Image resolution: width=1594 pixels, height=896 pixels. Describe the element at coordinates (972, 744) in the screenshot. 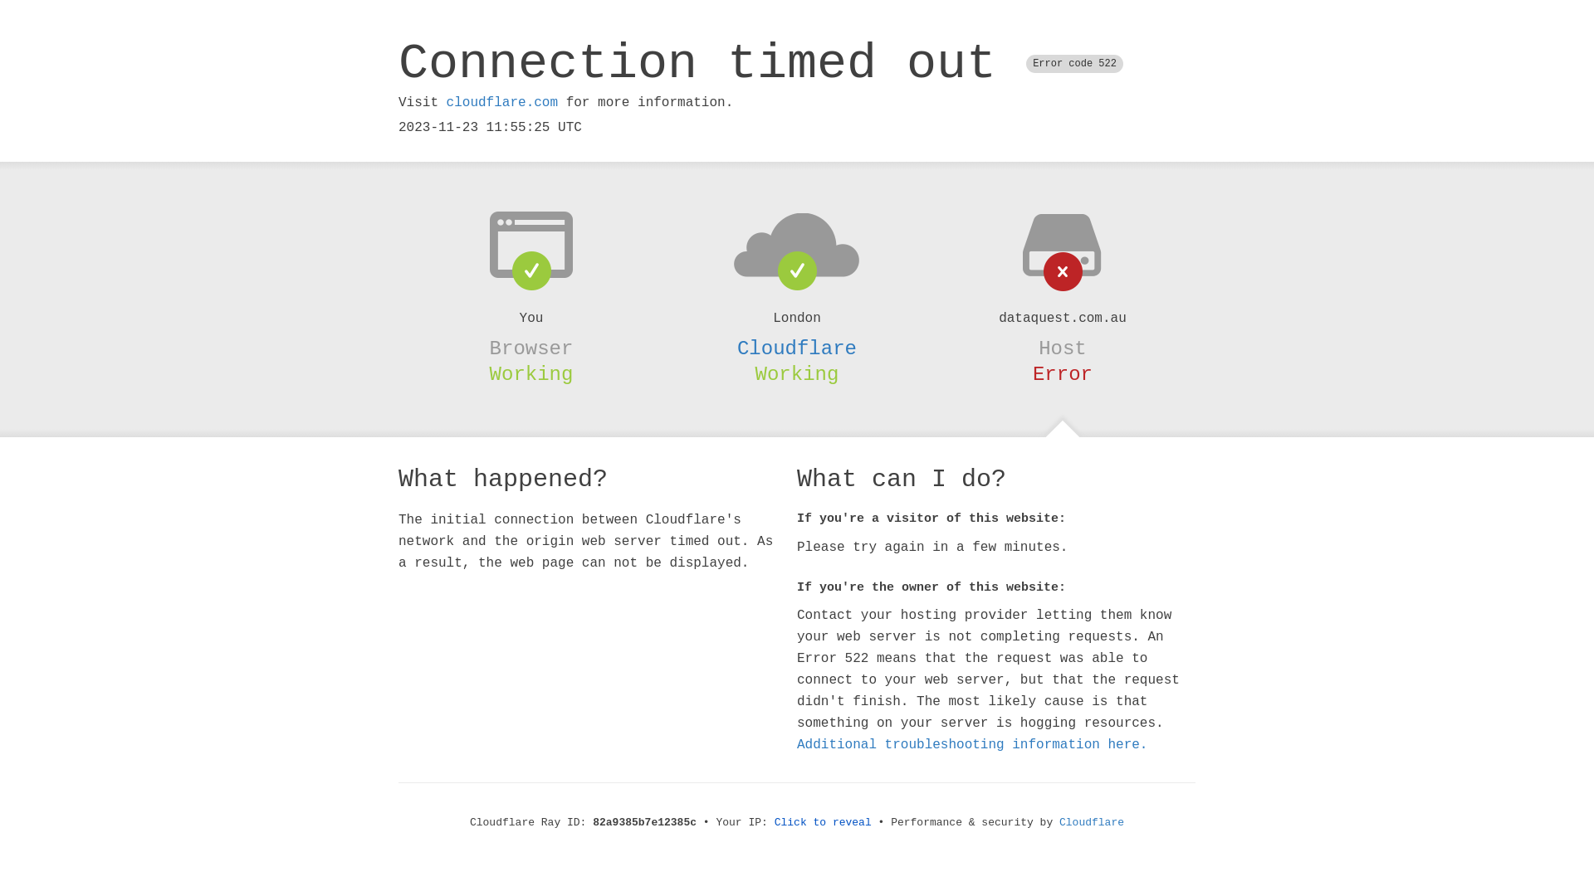

I see `'Additional troubleshooting information here.'` at that location.